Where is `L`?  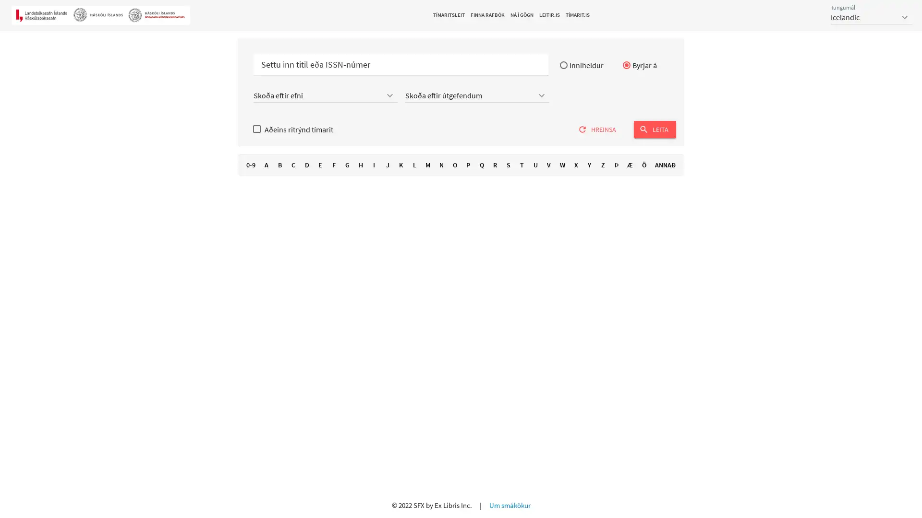
L is located at coordinates (414, 164).